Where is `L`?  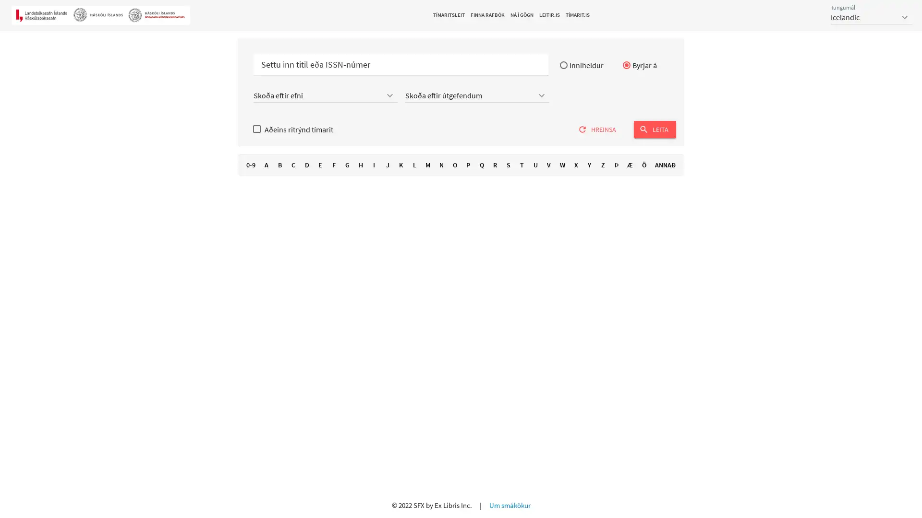
L is located at coordinates (414, 164).